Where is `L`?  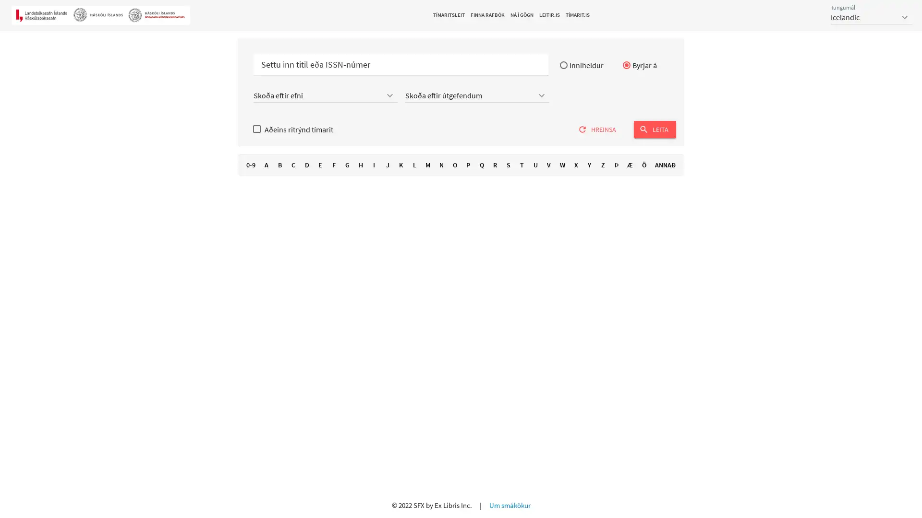
L is located at coordinates (414, 164).